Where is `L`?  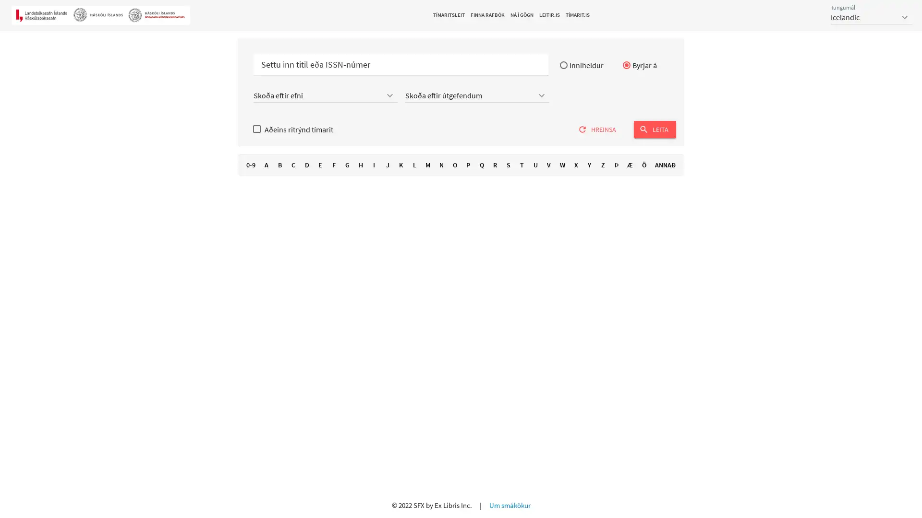
L is located at coordinates (414, 164).